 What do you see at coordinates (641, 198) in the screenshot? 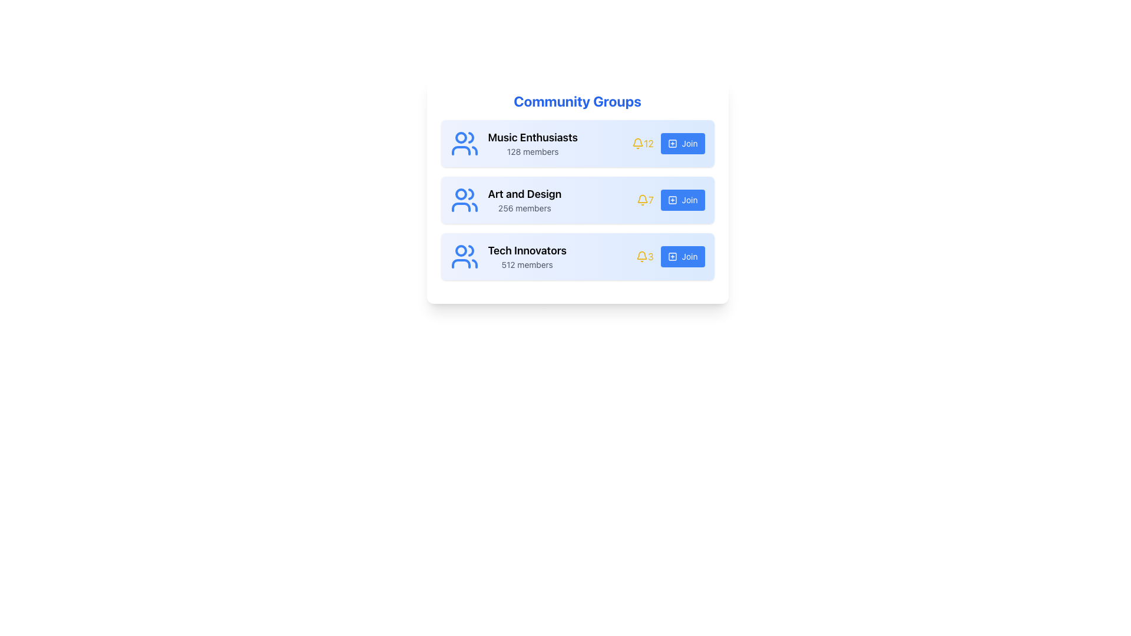
I see `the inner contour of the bell icon, which is styled with a line-drawing appearance and positioned to the right of the 'Art and Design' list item in the center row of the group listing` at bounding box center [641, 198].